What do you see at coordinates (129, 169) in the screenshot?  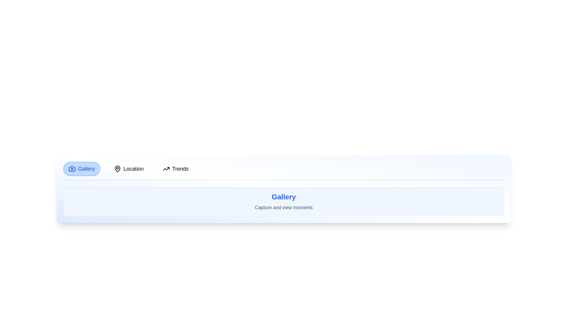 I see `the Location tab to observe the active tab styling changes` at bounding box center [129, 169].